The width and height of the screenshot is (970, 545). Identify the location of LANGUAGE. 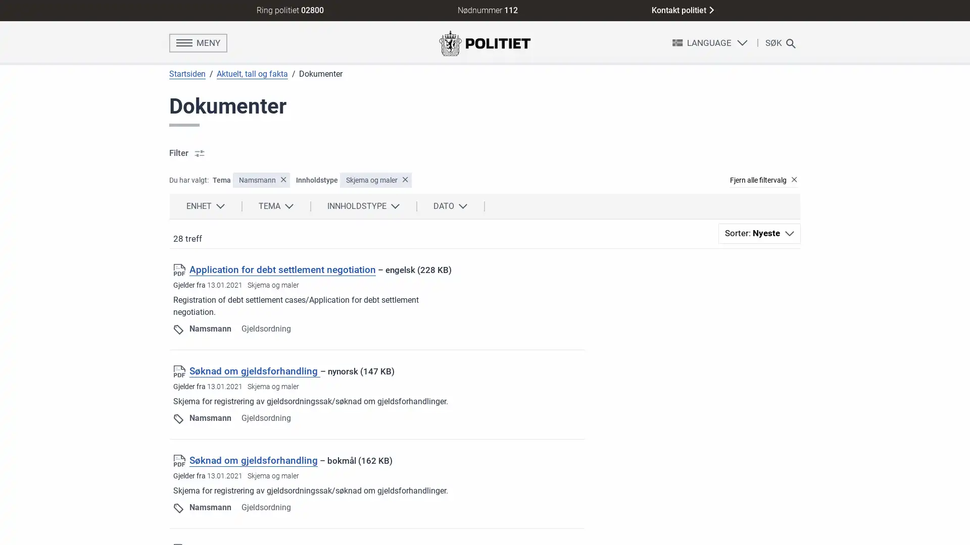
(709, 42).